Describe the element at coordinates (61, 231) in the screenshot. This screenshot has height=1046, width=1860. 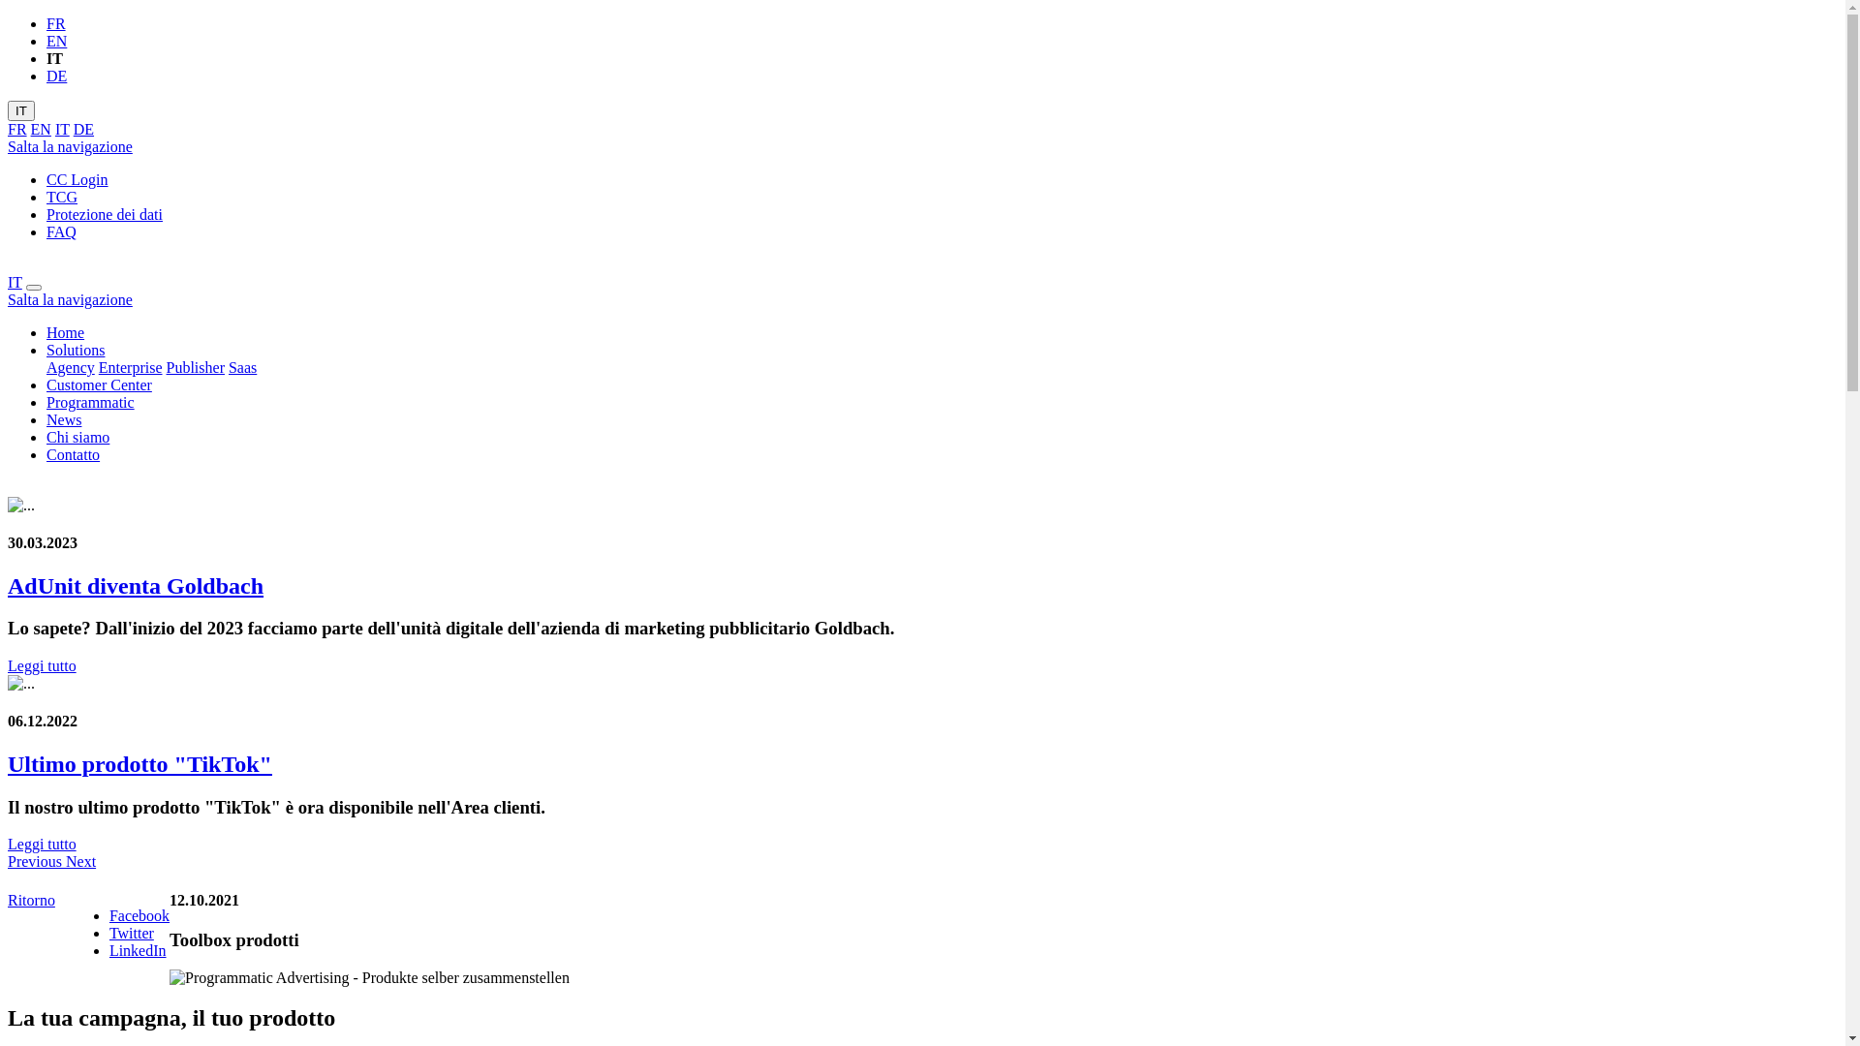
I see `'FAQ'` at that location.